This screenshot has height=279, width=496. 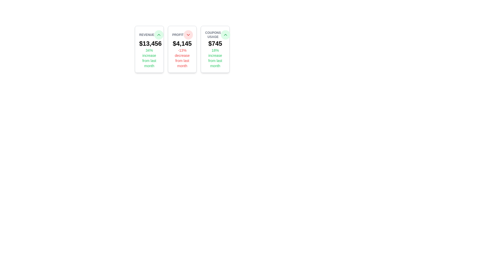 What do you see at coordinates (215, 49) in the screenshot?
I see `the informational card displaying coupon usage data, which is the rightmost card in a series of three horizontally aligned cards` at bounding box center [215, 49].